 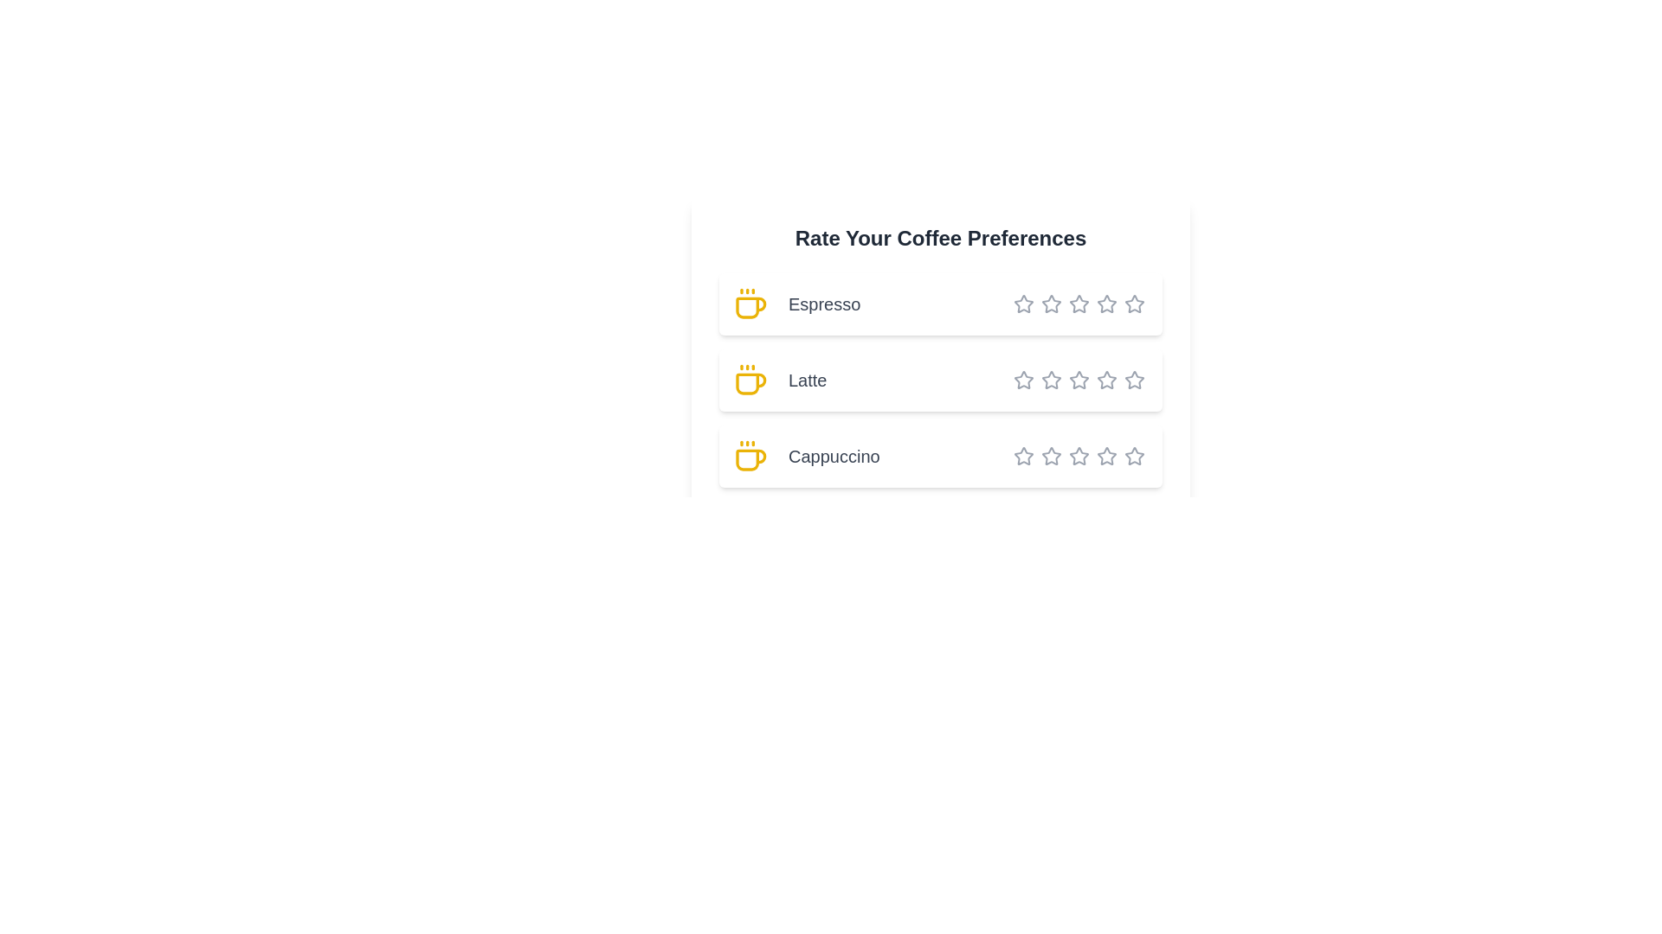 I want to click on the star corresponding to 4 stars for the coffee type Espresso, so click(x=1075, y=303).